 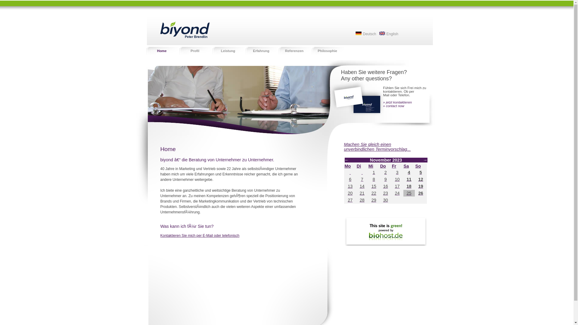 I want to click on '30', so click(x=386, y=200).